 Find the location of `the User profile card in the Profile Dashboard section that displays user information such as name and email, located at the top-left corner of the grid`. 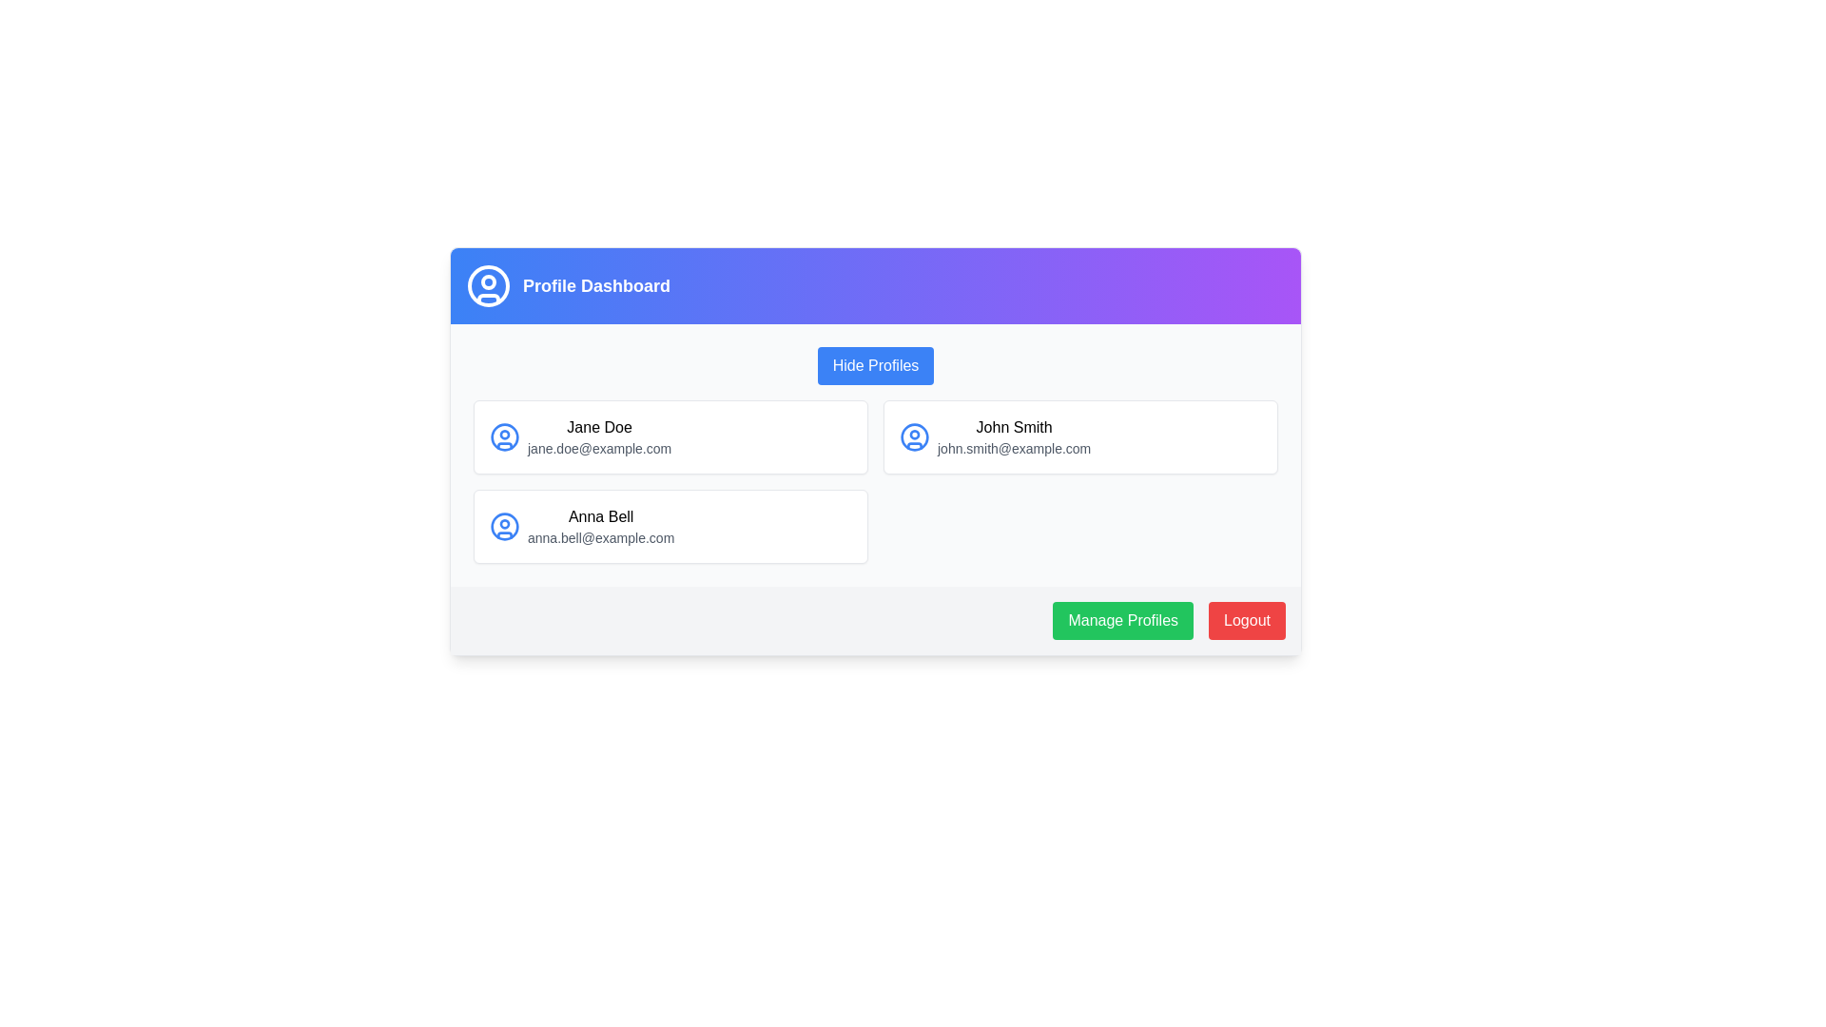

the User profile card in the Profile Dashboard section that displays user information such as name and email, located at the top-left corner of the grid is located at coordinates (670, 436).